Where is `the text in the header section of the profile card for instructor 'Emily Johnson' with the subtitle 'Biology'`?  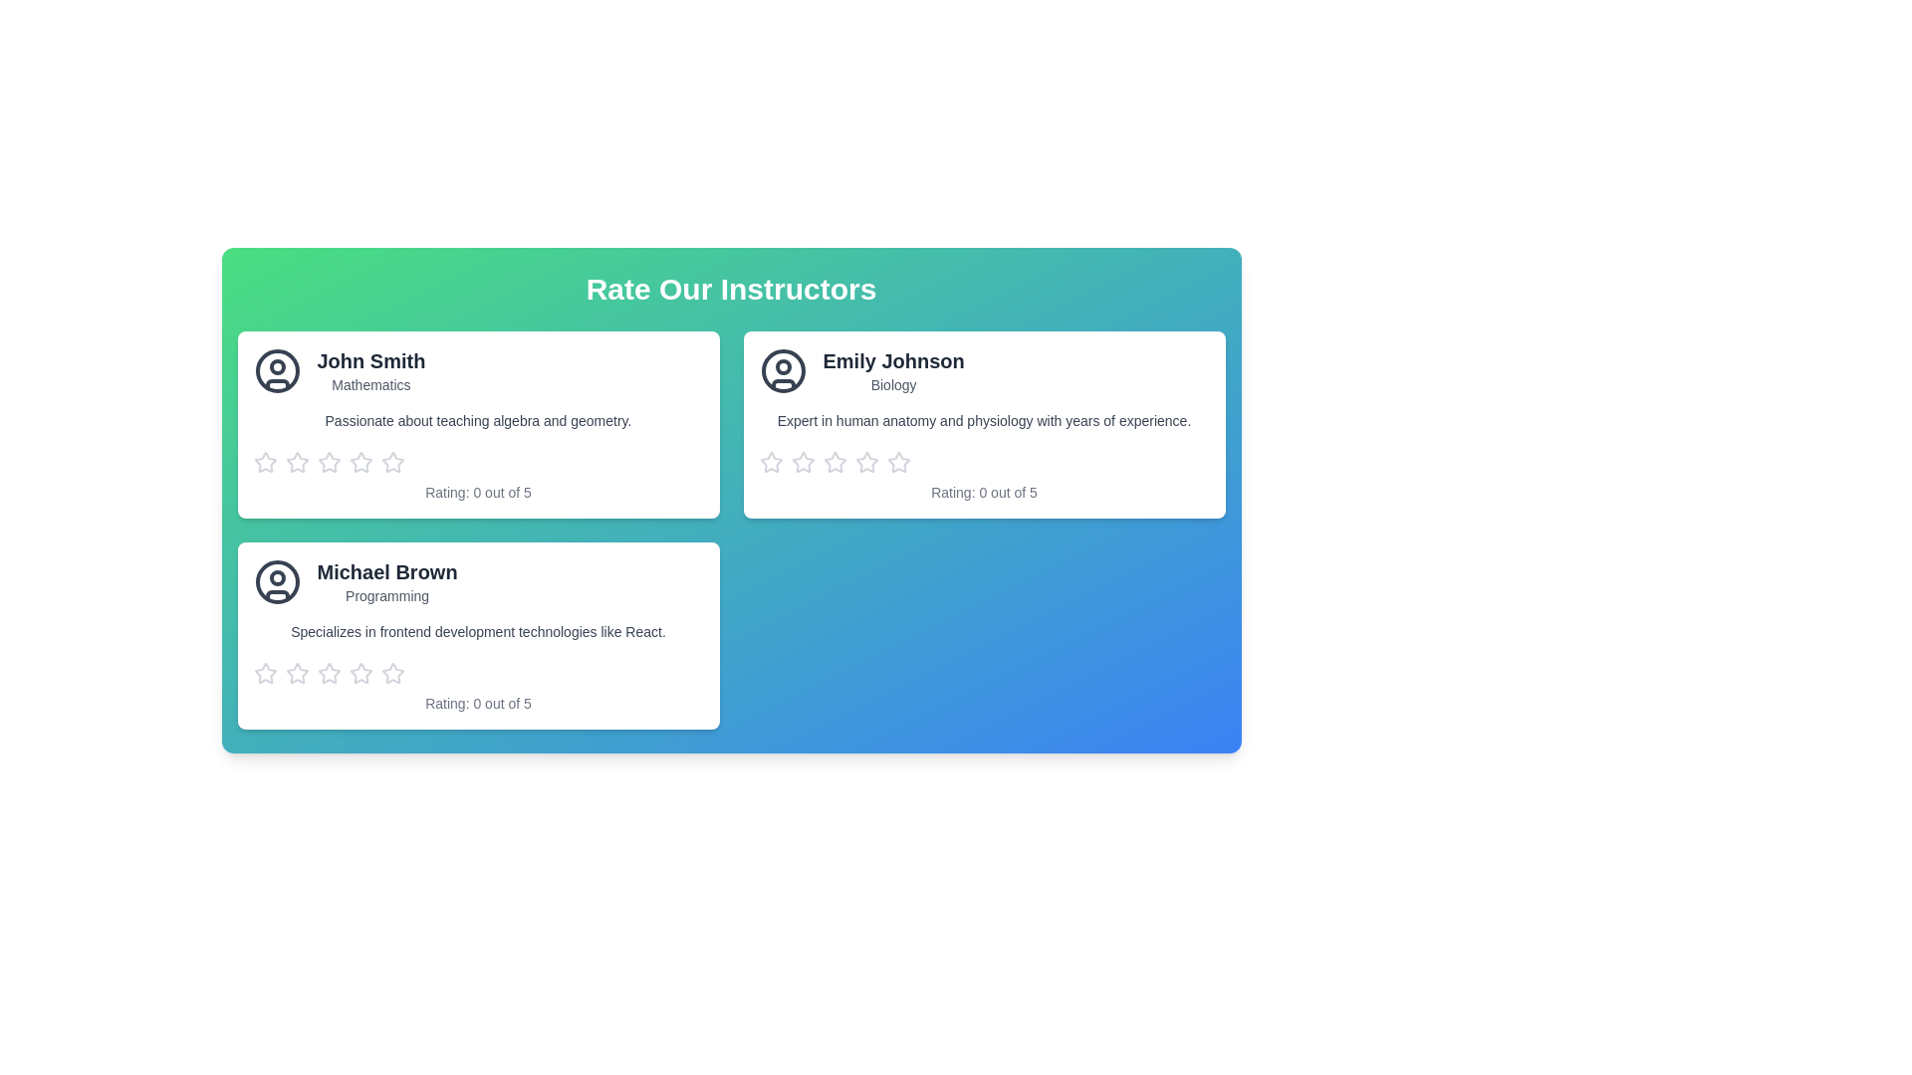 the text in the header section of the profile card for instructor 'Emily Johnson' with the subtitle 'Biology' is located at coordinates (984, 371).